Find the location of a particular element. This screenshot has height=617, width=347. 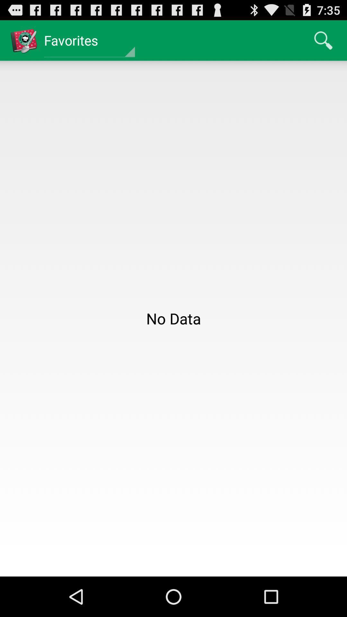

app to the right of the favorites app is located at coordinates (323, 40).